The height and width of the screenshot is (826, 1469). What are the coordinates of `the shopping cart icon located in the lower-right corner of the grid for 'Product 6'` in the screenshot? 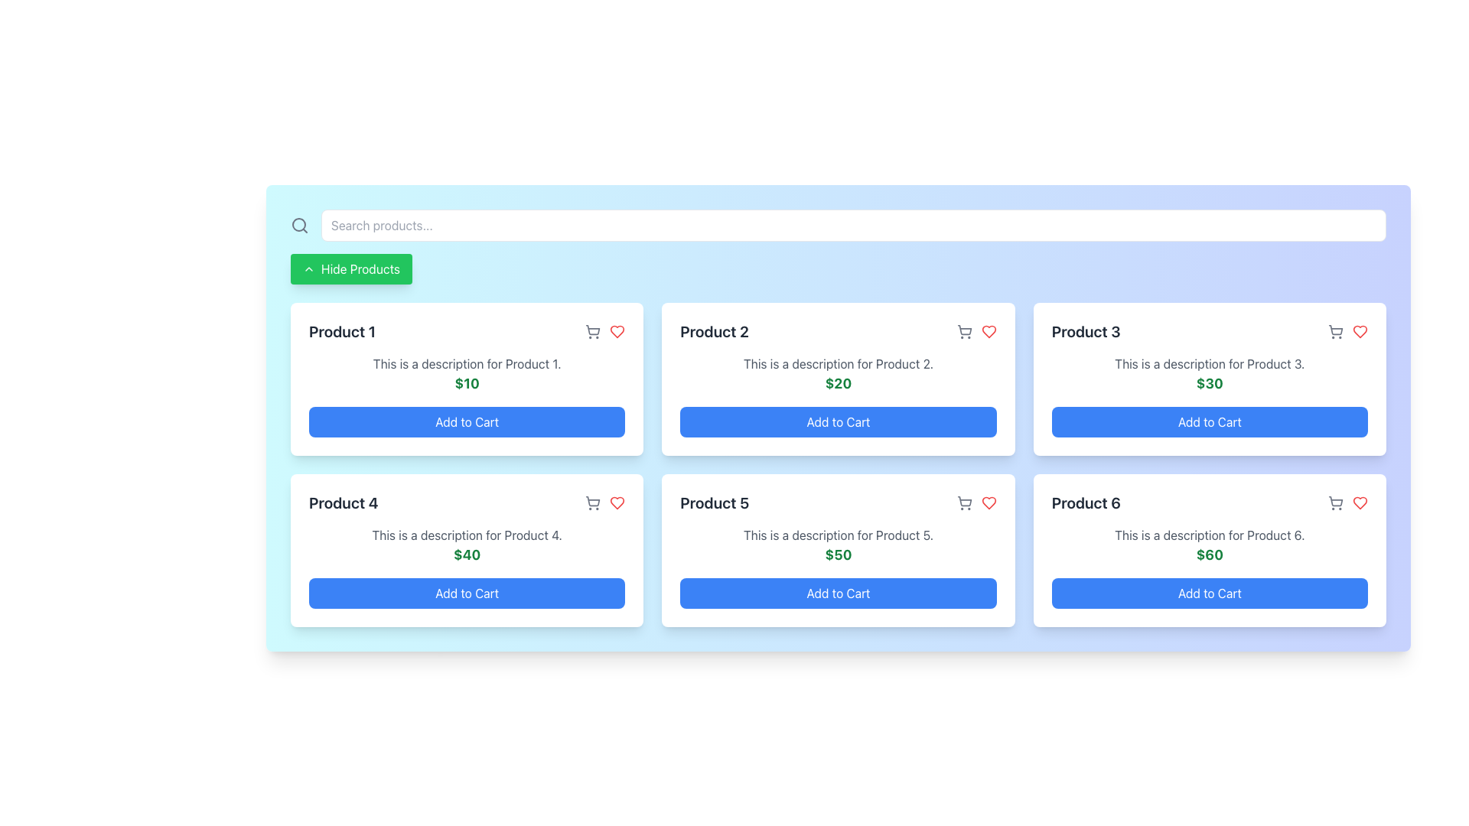 It's located at (1335, 503).